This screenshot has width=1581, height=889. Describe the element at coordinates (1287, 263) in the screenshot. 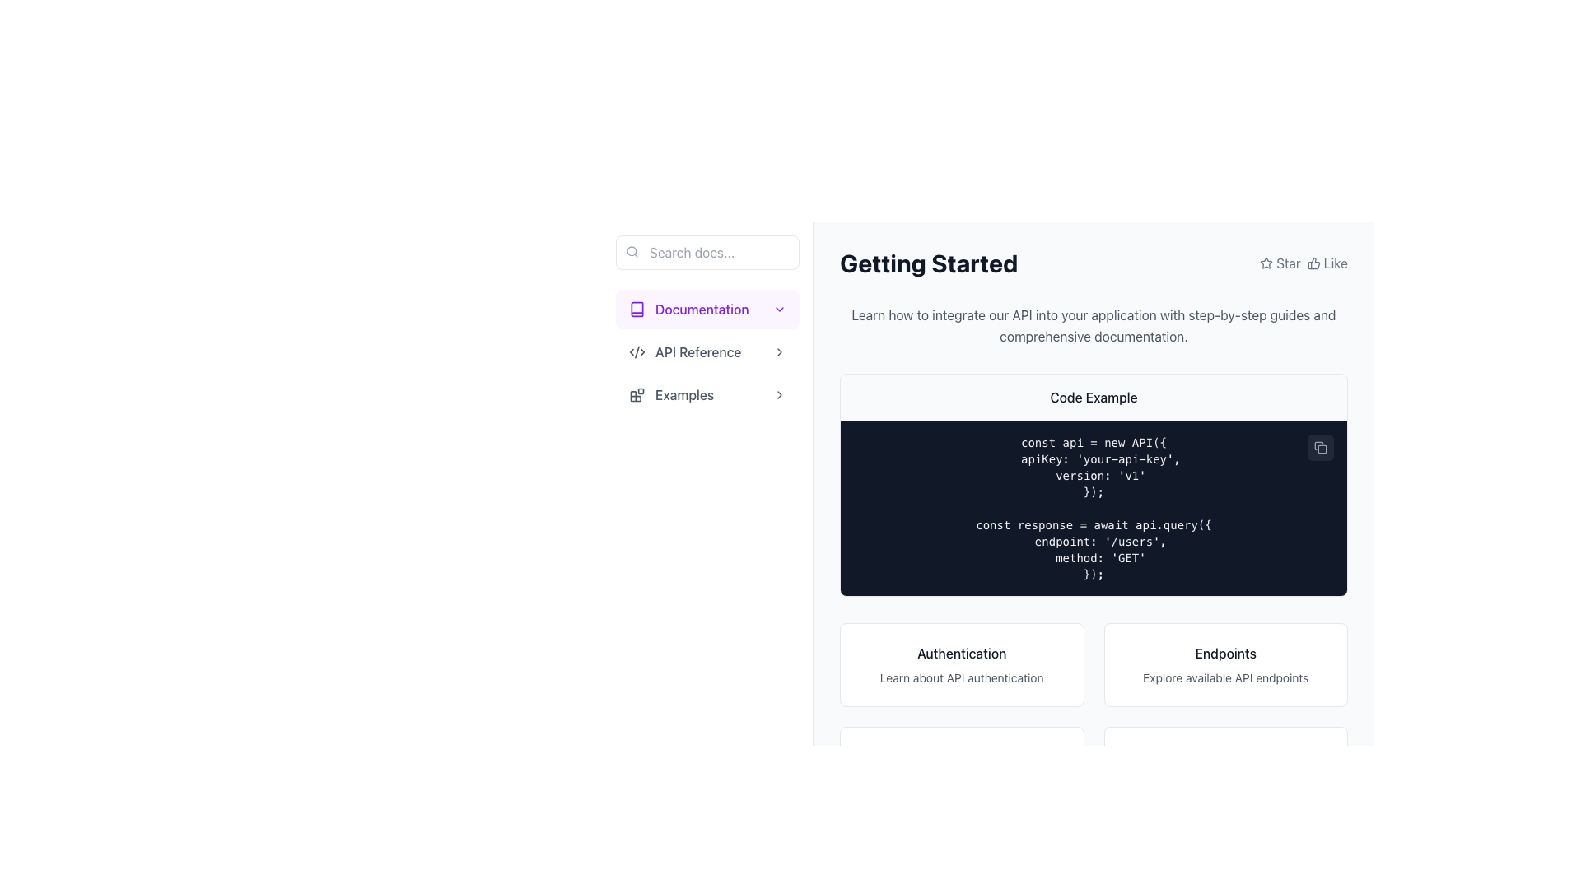

I see `the text label displaying the word 'Star', which is located in the top-right section of the interface, part of a horizontal group with a star icon to its left` at that location.